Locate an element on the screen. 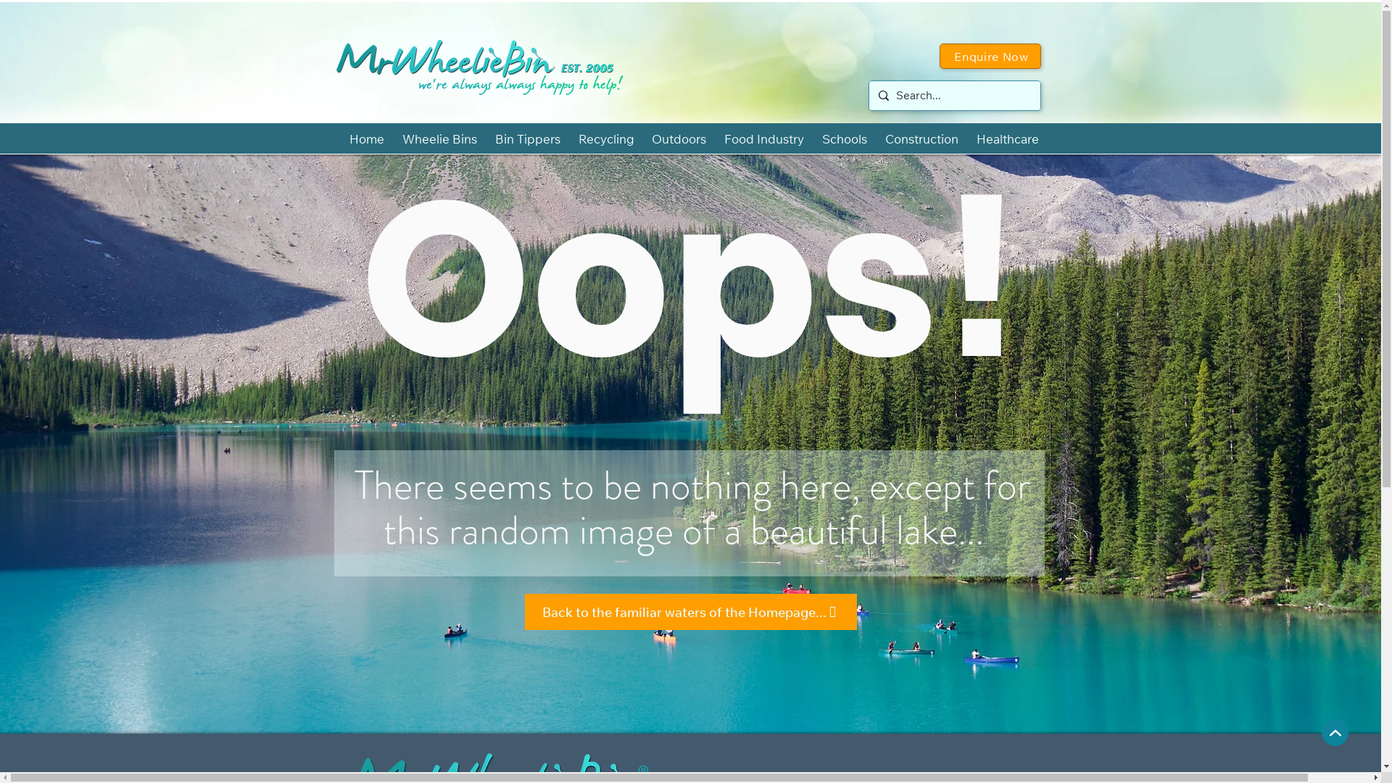  'Schools' is located at coordinates (844, 138).